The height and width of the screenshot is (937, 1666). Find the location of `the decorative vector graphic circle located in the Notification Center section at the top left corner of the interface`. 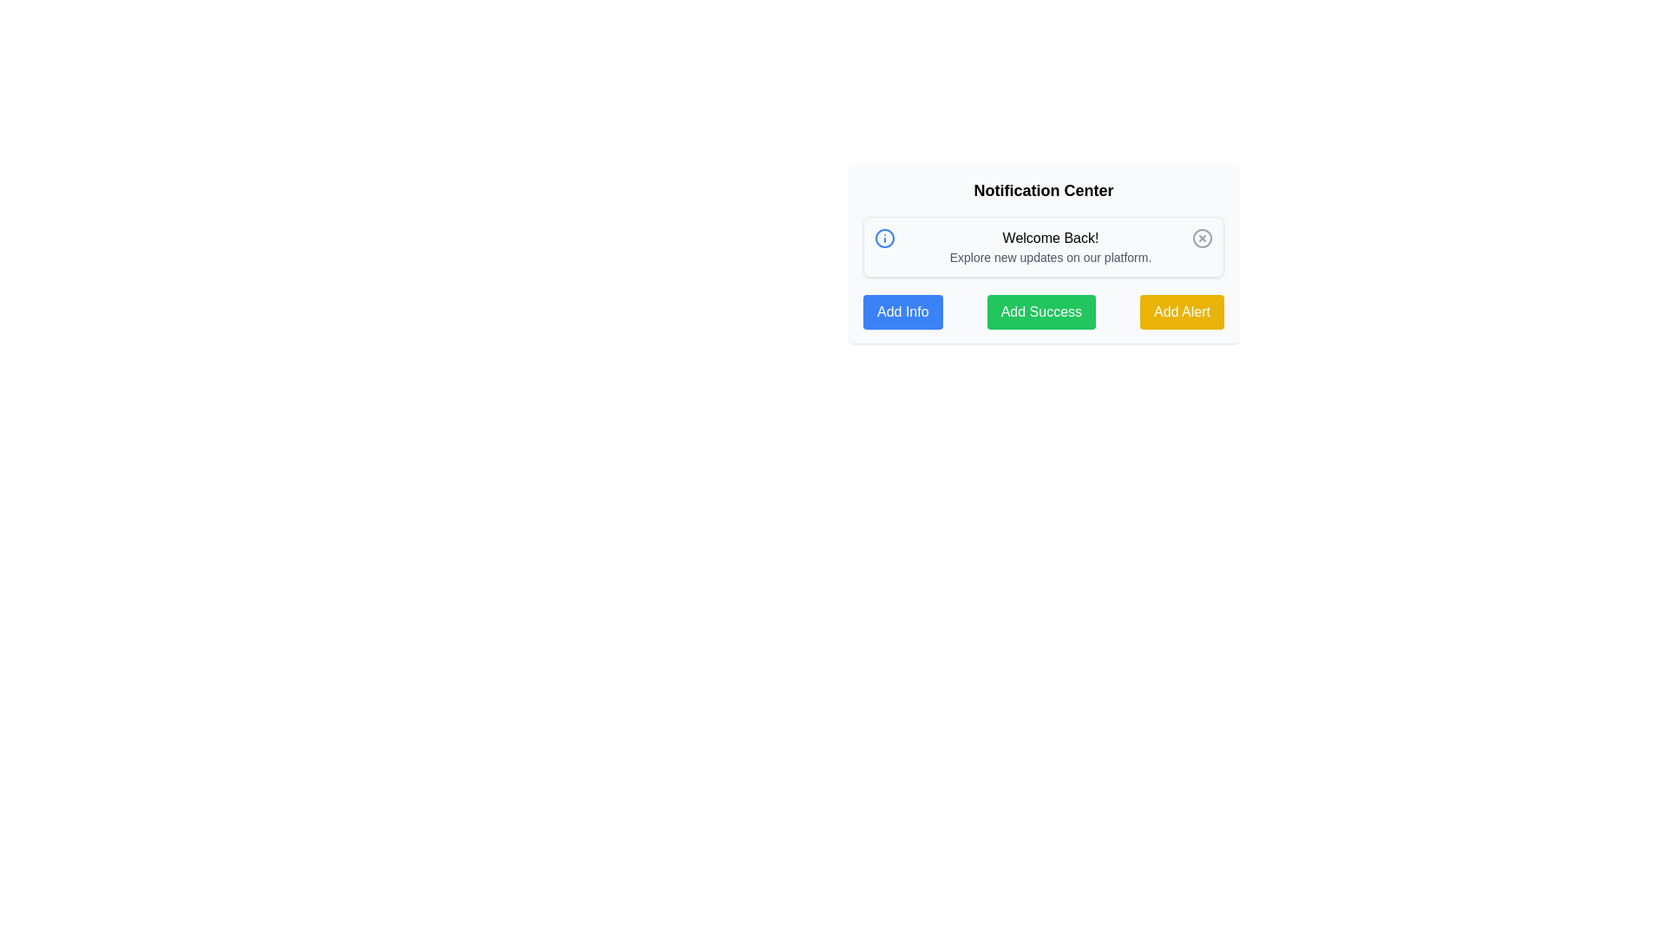

the decorative vector graphic circle located in the Notification Center section at the top left corner of the interface is located at coordinates (884, 238).